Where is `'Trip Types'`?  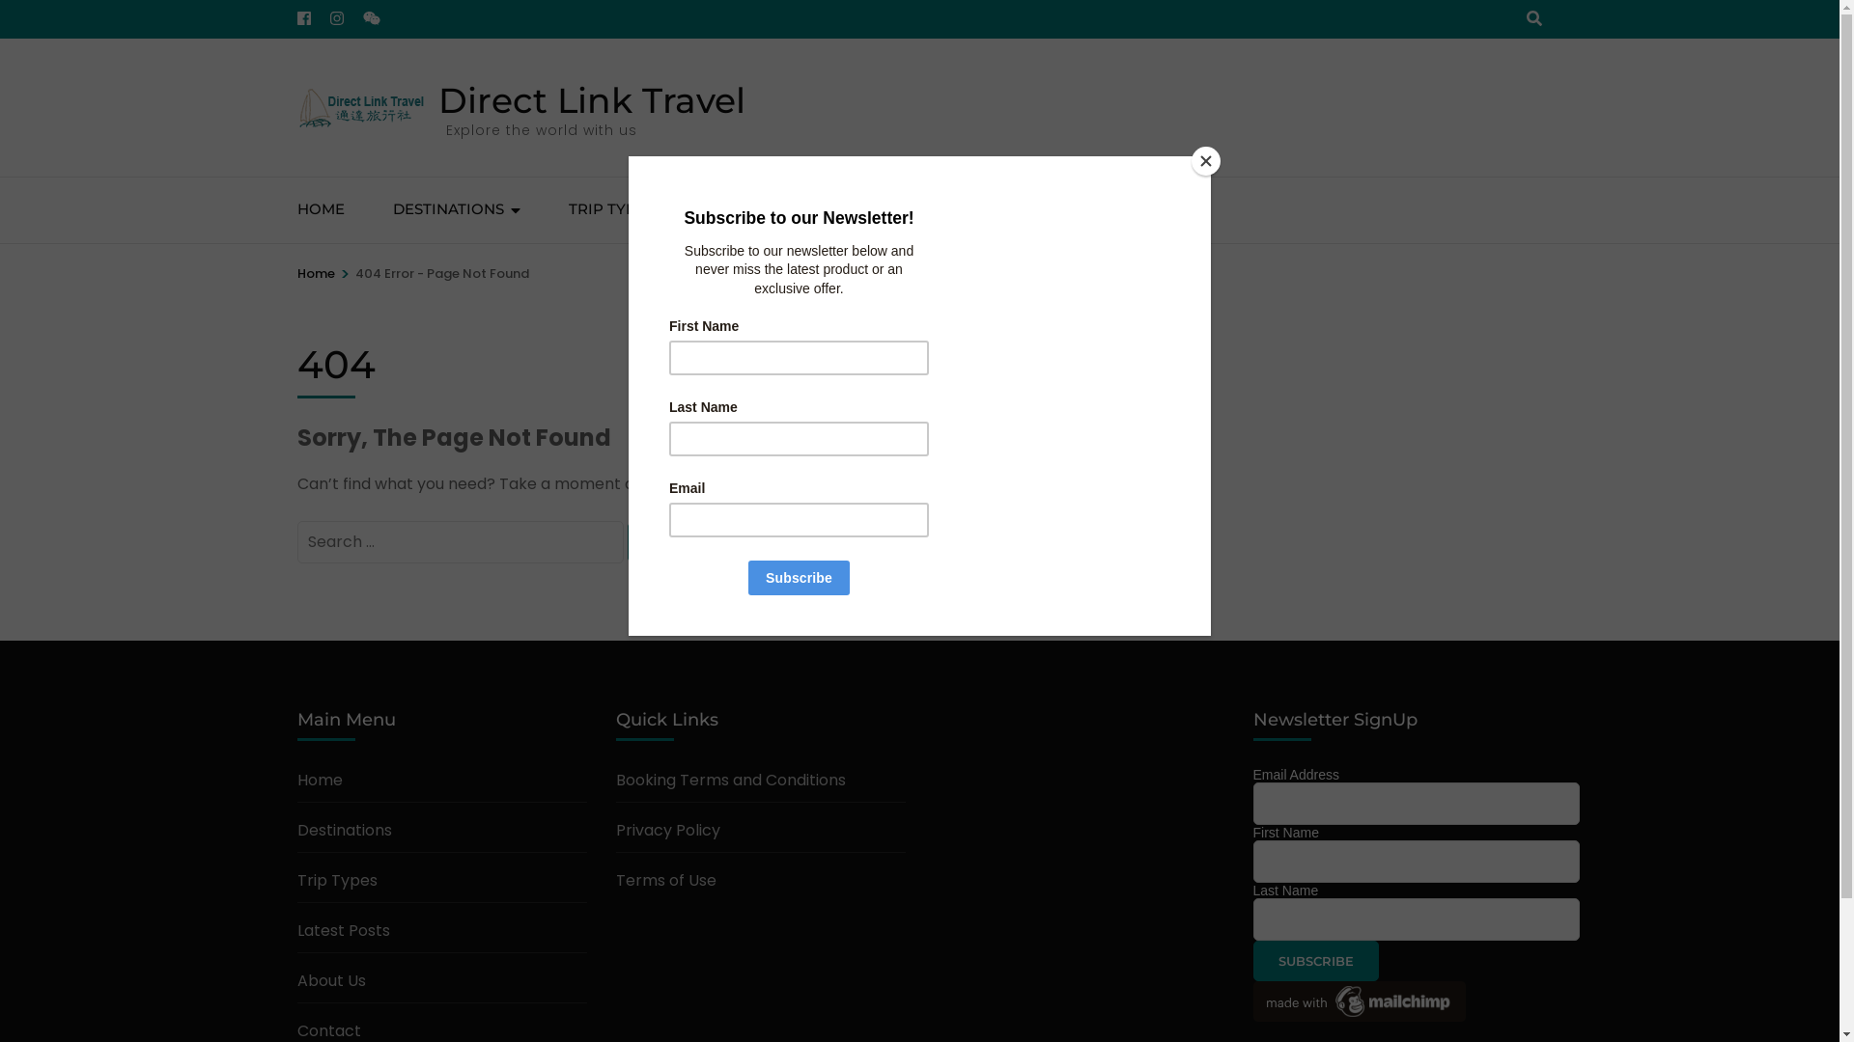
'Trip Types' is located at coordinates (295, 880).